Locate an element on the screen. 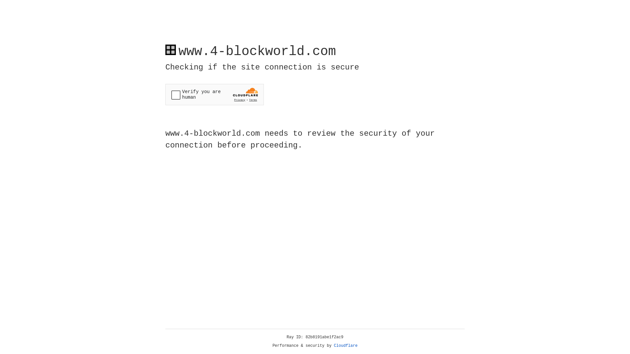  'Cloudflare' is located at coordinates (334, 345).